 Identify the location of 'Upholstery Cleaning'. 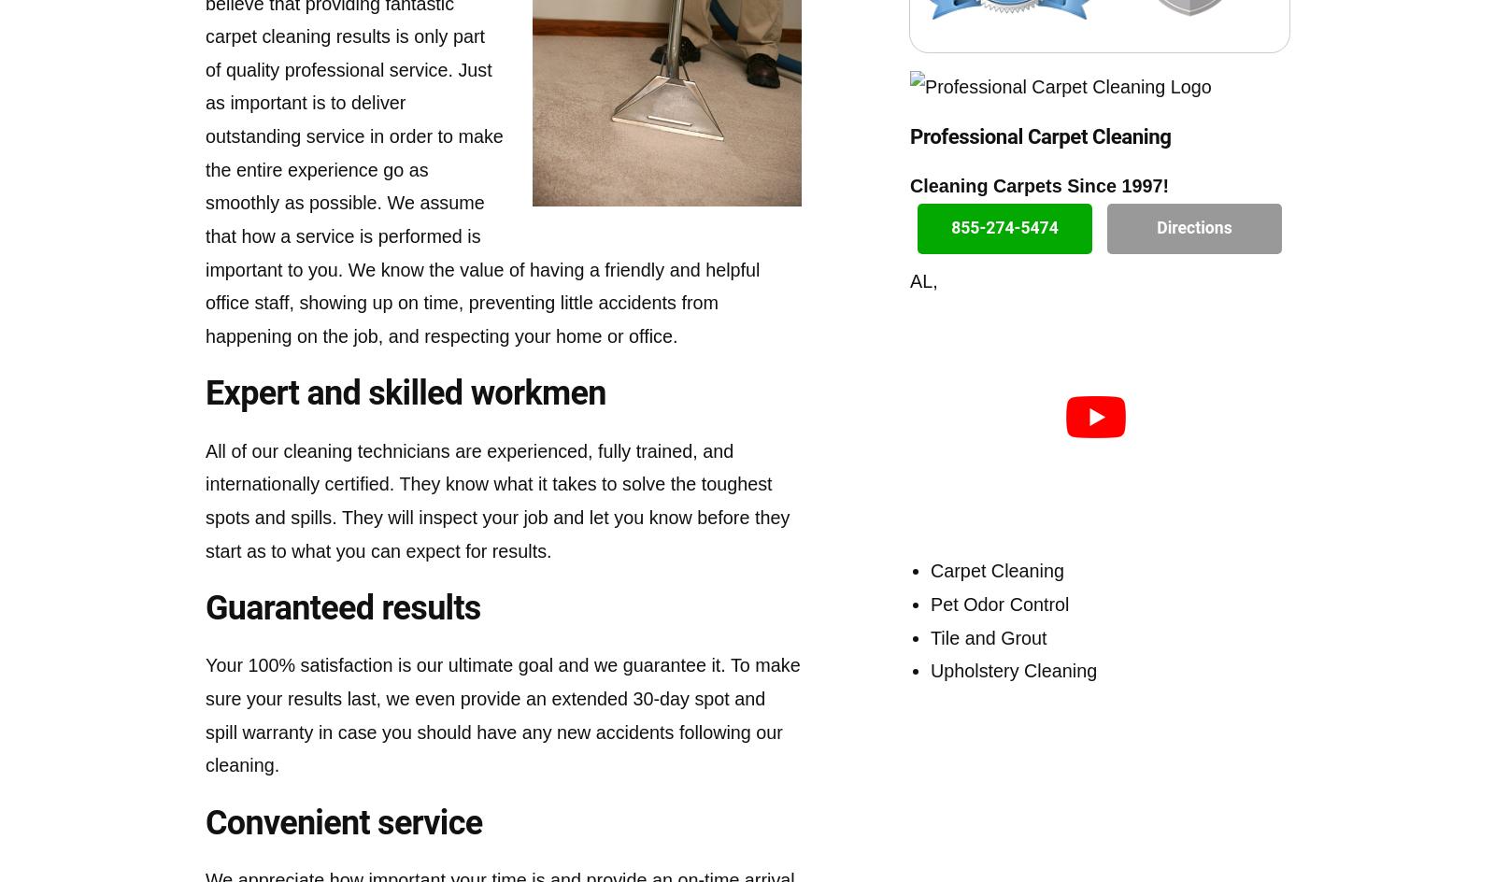
(1013, 671).